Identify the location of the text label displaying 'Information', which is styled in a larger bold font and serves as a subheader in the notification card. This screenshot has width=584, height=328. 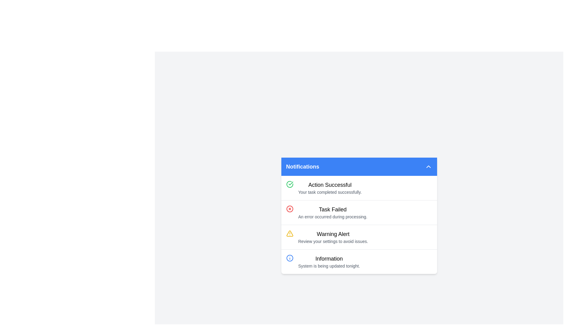
(329, 258).